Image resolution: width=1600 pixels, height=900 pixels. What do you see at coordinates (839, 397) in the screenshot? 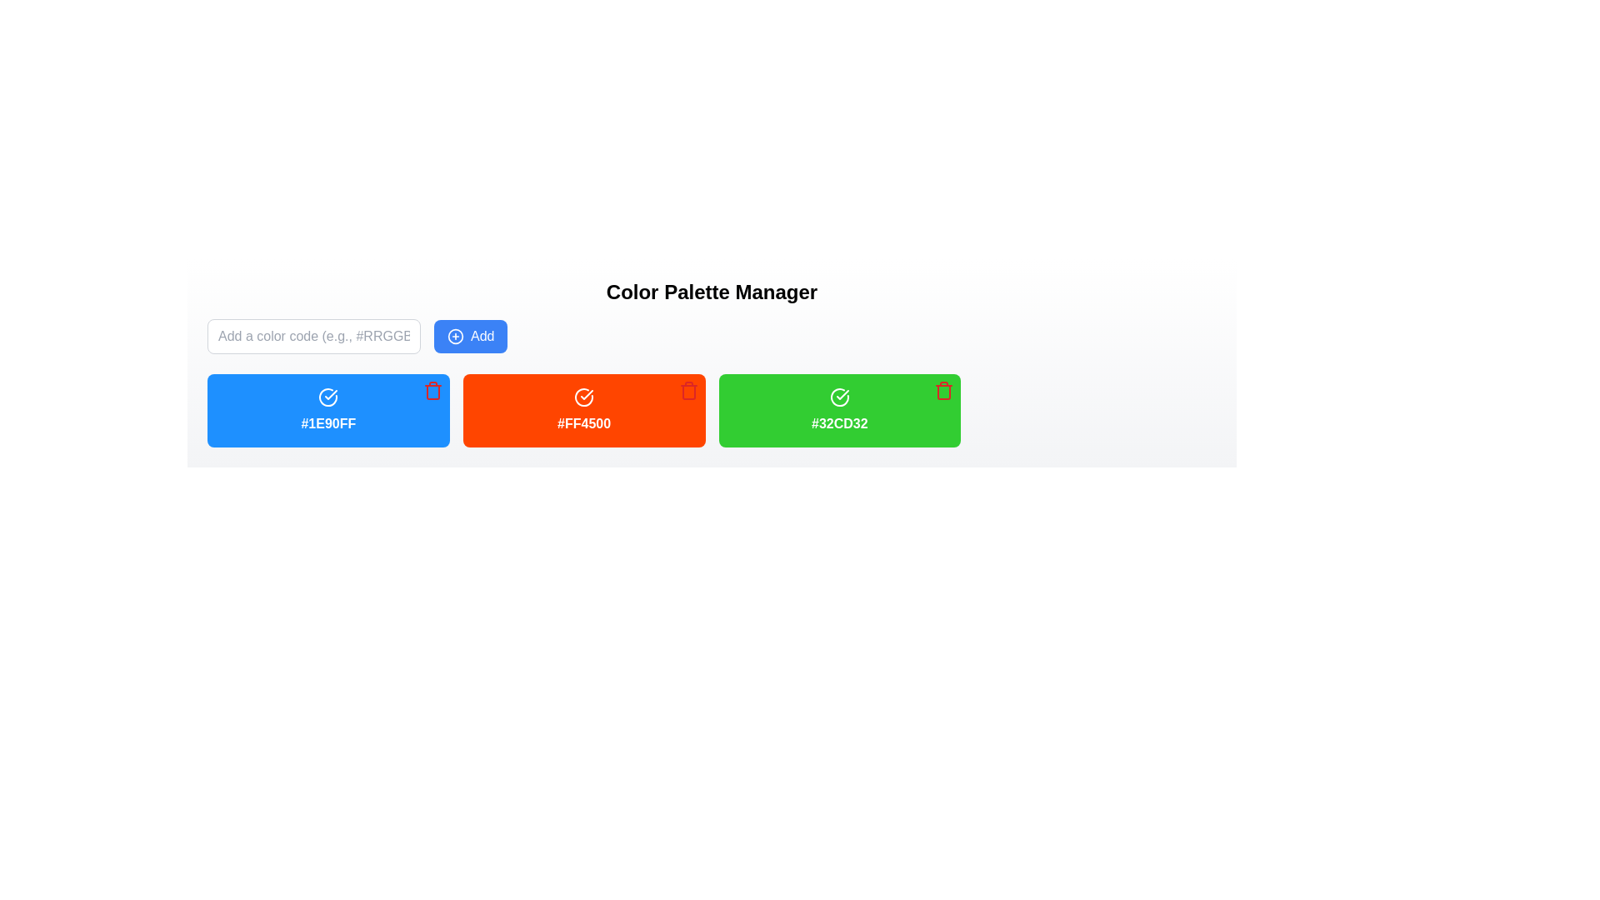
I see `the green-colored button segment with a checkmark icon, which is the third button in the row below the 'Color Palette Manager' header` at bounding box center [839, 397].